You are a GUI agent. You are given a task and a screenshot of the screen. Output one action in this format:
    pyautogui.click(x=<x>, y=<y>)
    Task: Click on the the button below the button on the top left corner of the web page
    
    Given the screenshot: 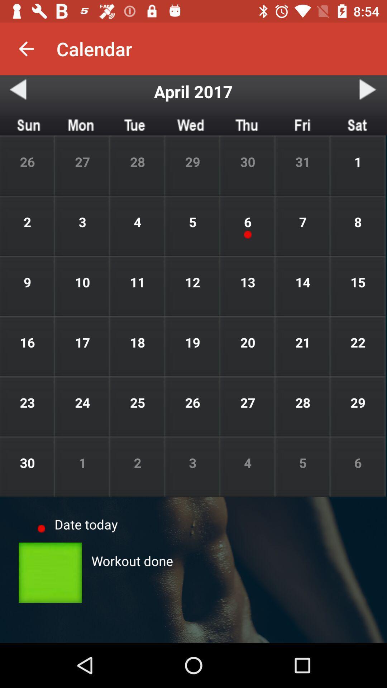 What is the action you would take?
    pyautogui.click(x=18, y=89)
    